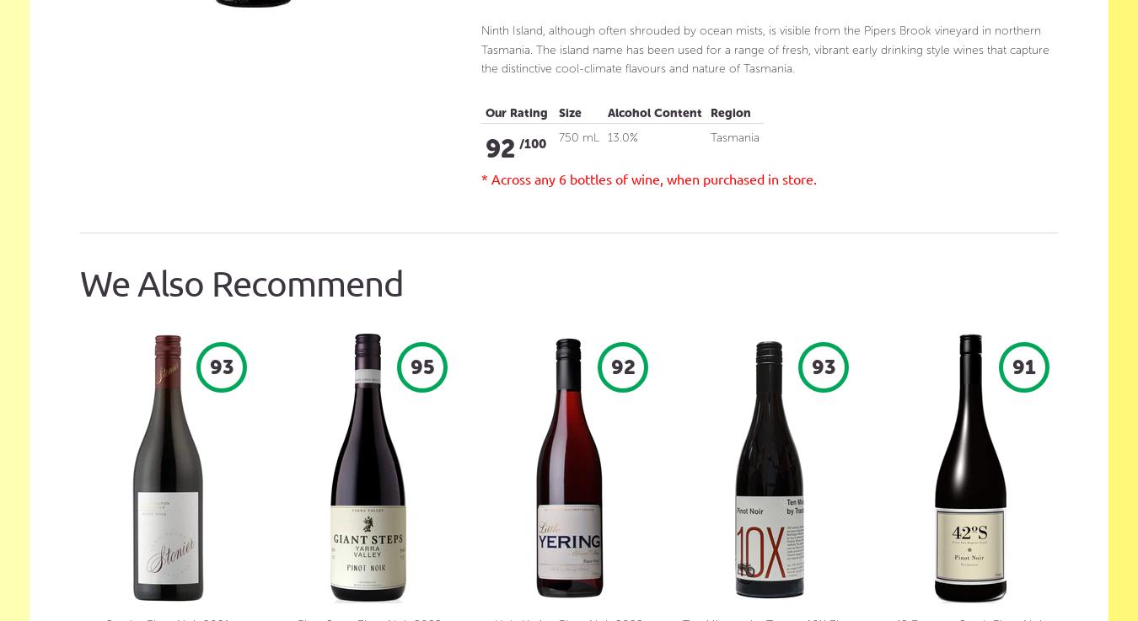 This screenshot has width=1138, height=621. Describe the element at coordinates (326, 148) in the screenshot. I see `'Organic & Preservative Free White Wine'` at that location.